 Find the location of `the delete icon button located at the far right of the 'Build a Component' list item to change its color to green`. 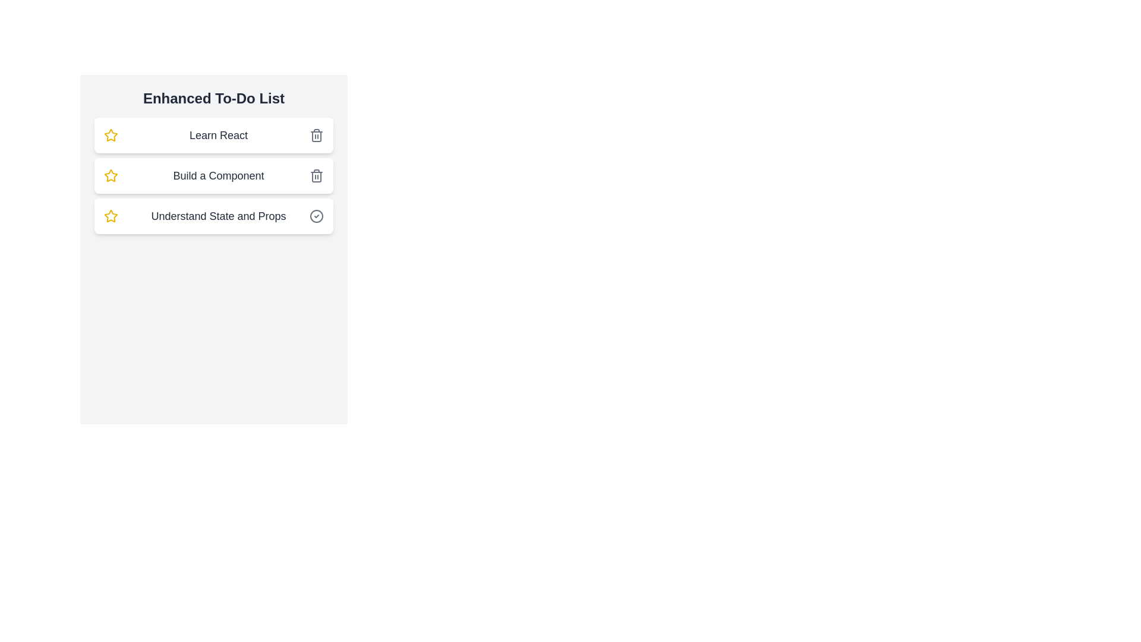

the delete icon button located at the far right of the 'Build a Component' list item to change its color to green is located at coordinates (316, 176).